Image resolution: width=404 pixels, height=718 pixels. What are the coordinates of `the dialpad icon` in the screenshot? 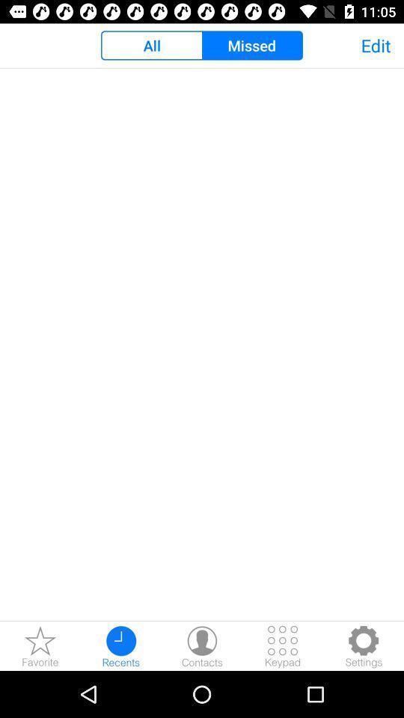 It's located at (283, 645).